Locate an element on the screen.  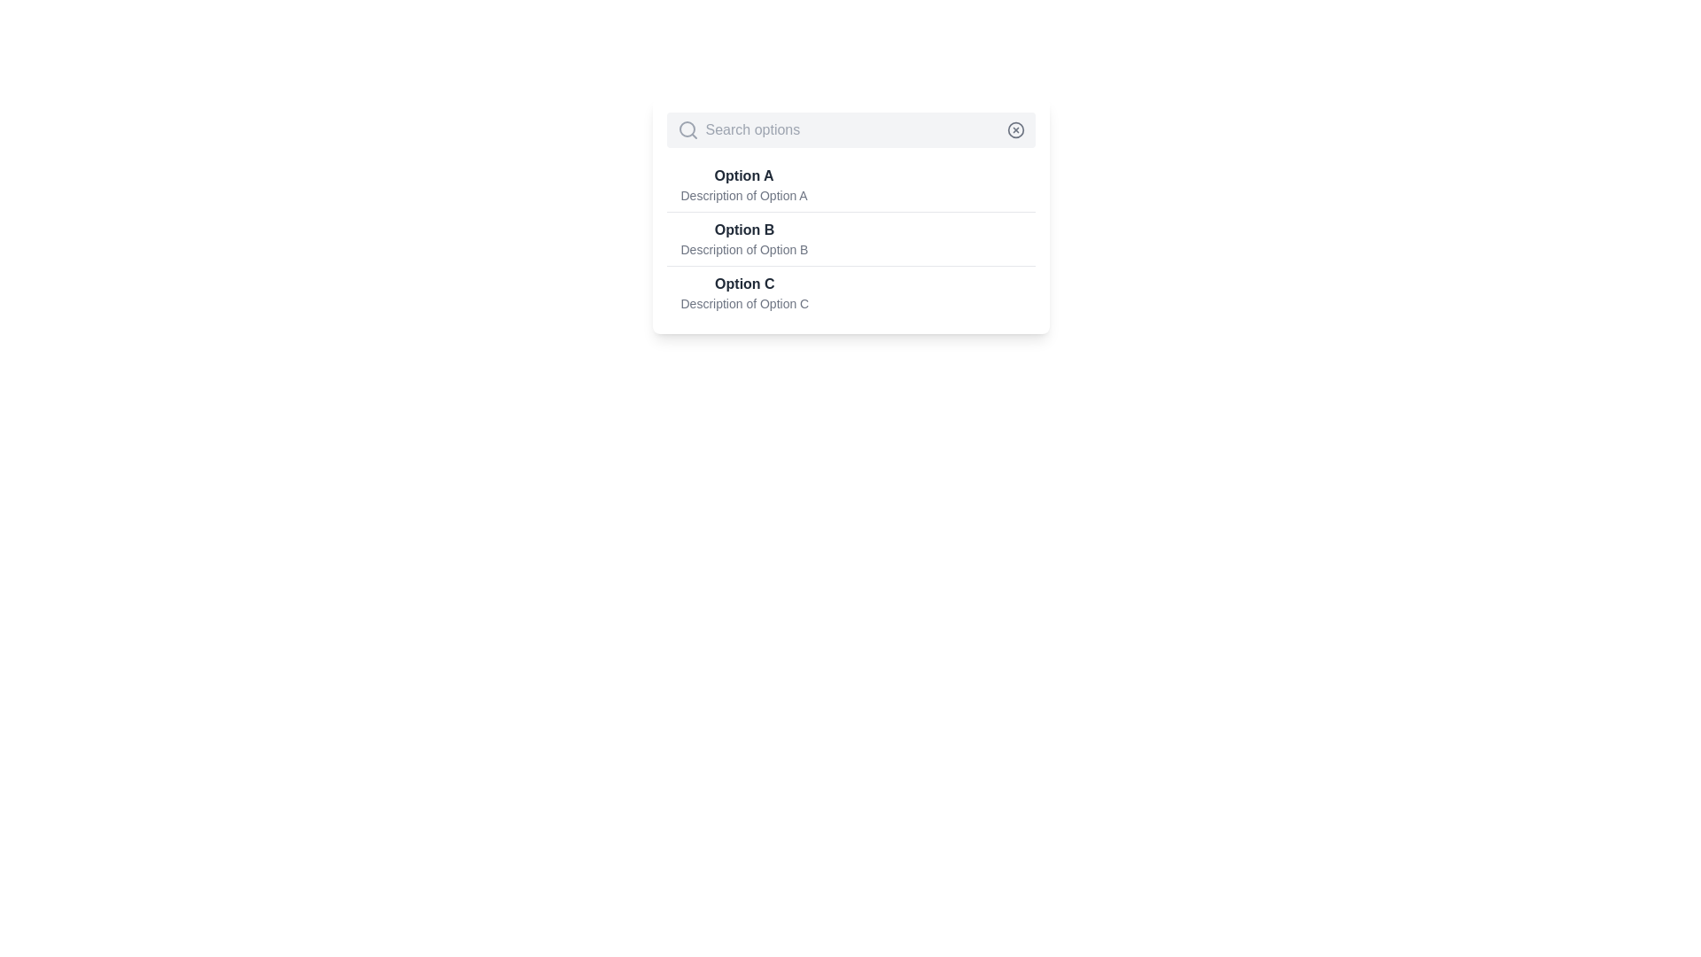
the small-sized text label displaying 'Description of Option A', which is styled in gray and located directly below the bolded 'Option A' label is located at coordinates (744, 195).